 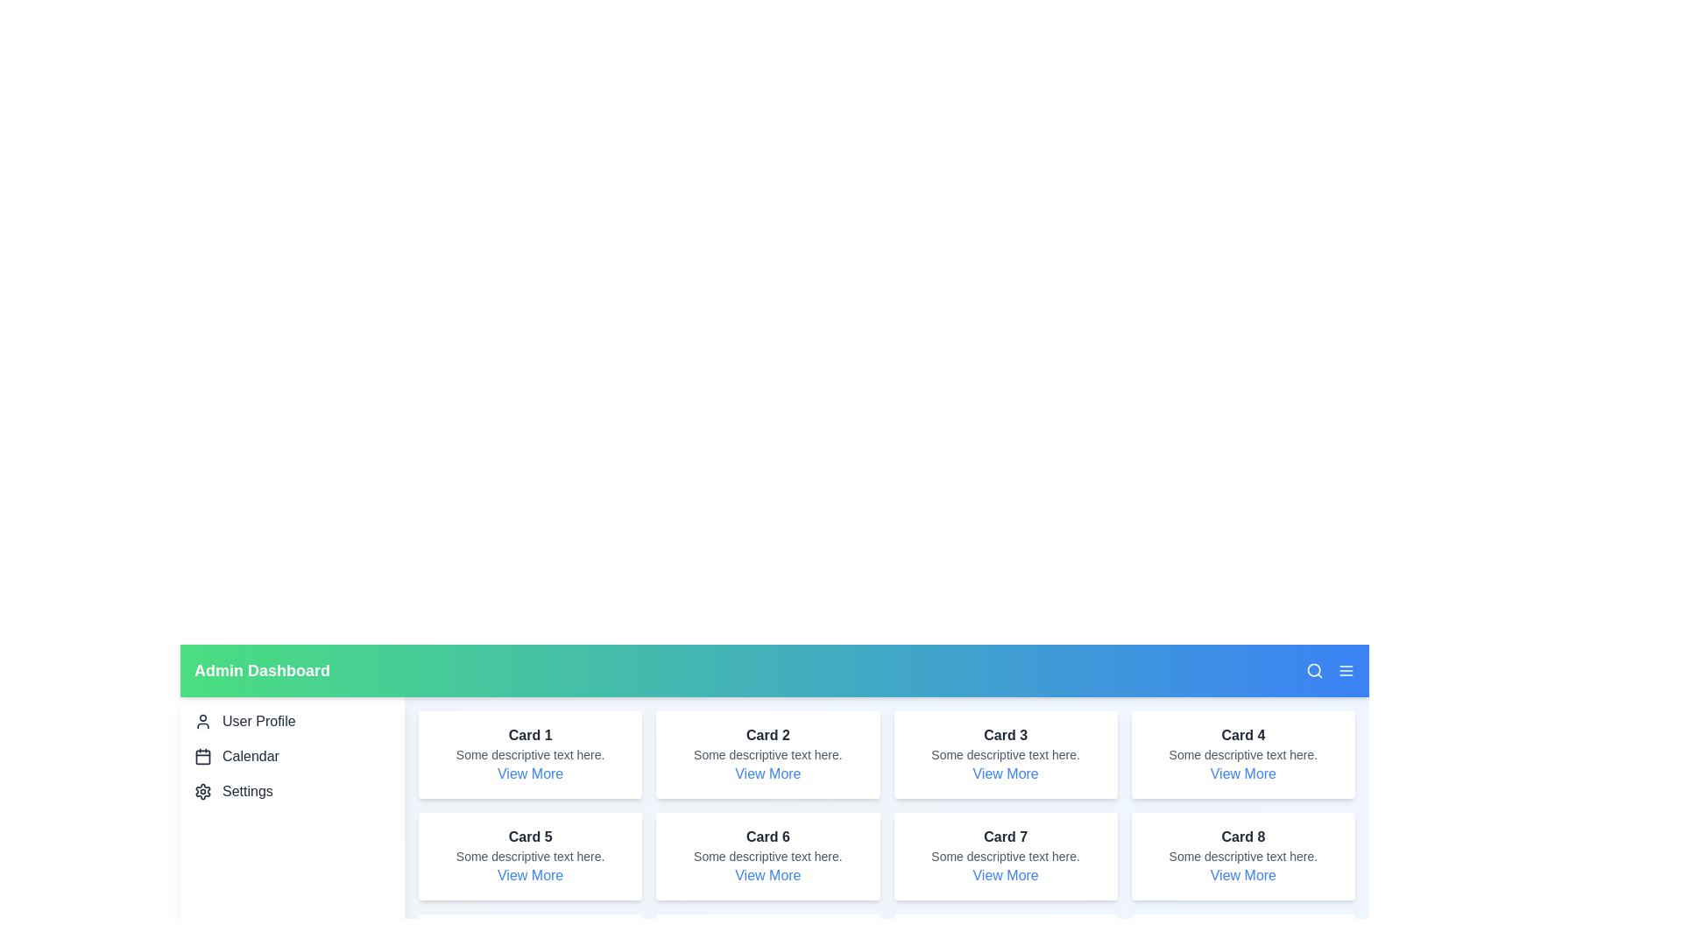 What do you see at coordinates (1345, 670) in the screenshot?
I see `menu button in the app bar to toggle the sidebar visibility` at bounding box center [1345, 670].